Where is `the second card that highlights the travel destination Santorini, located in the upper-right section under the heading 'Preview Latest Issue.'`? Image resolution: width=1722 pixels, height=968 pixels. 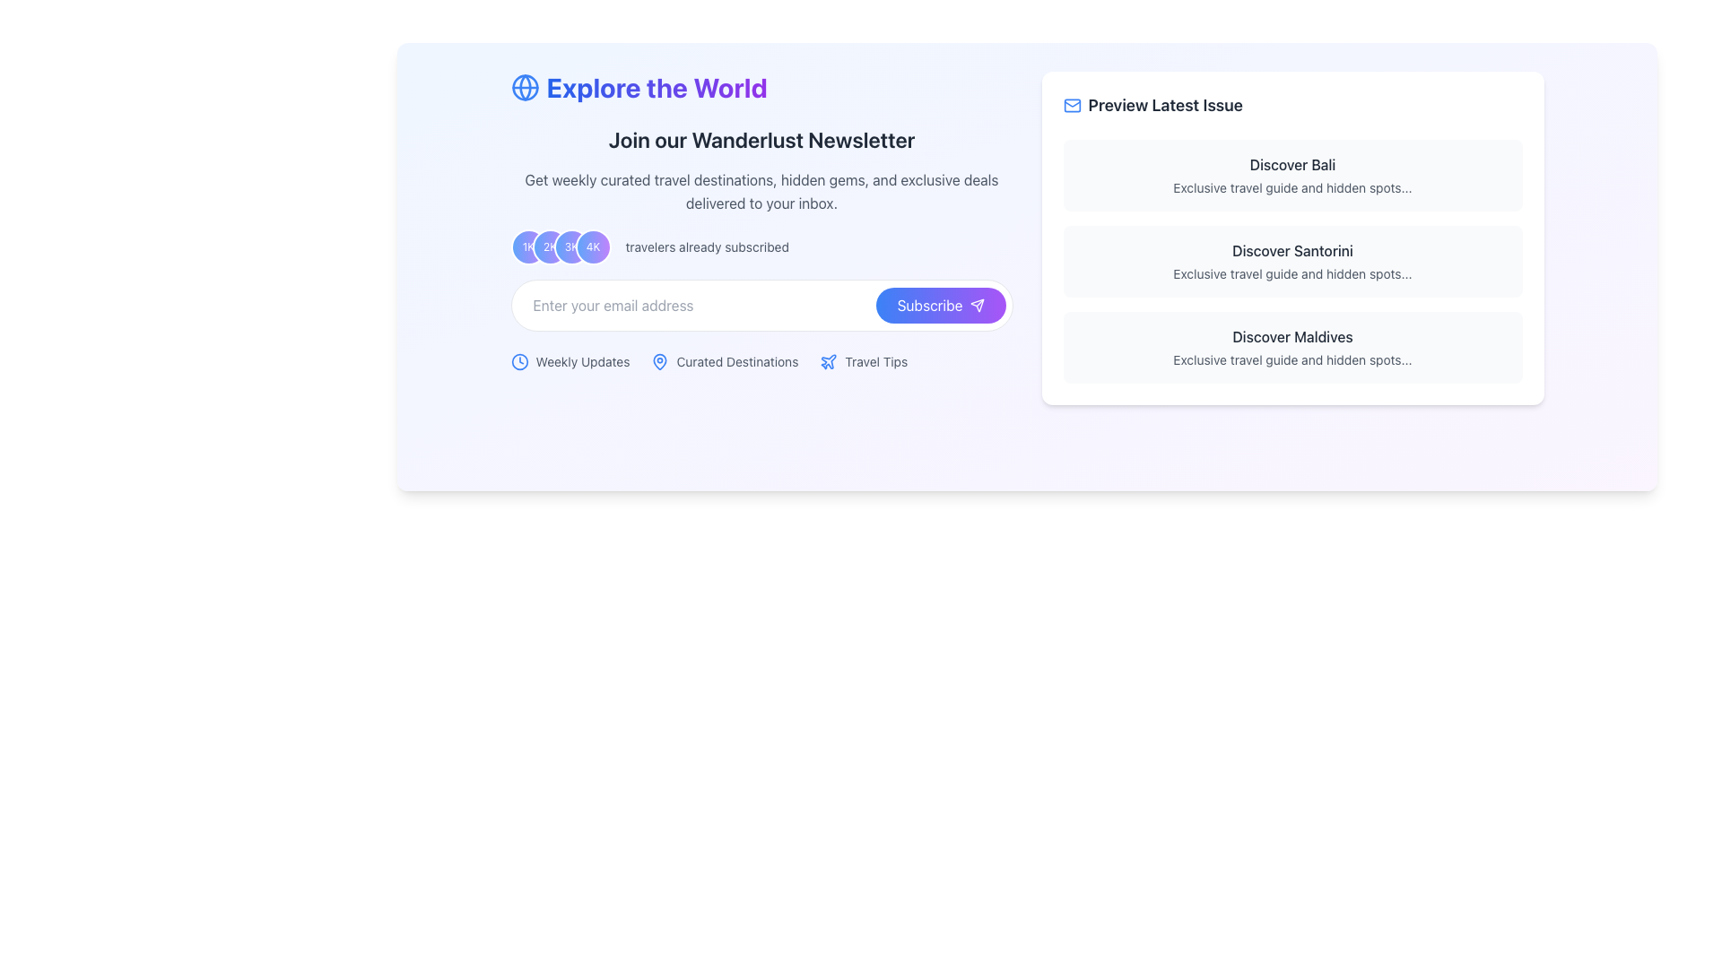
the second card that highlights the travel destination Santorini, located in the upper-right section under the heading 'Preview Latest Issue.' is located at coordinates (1292, 238).